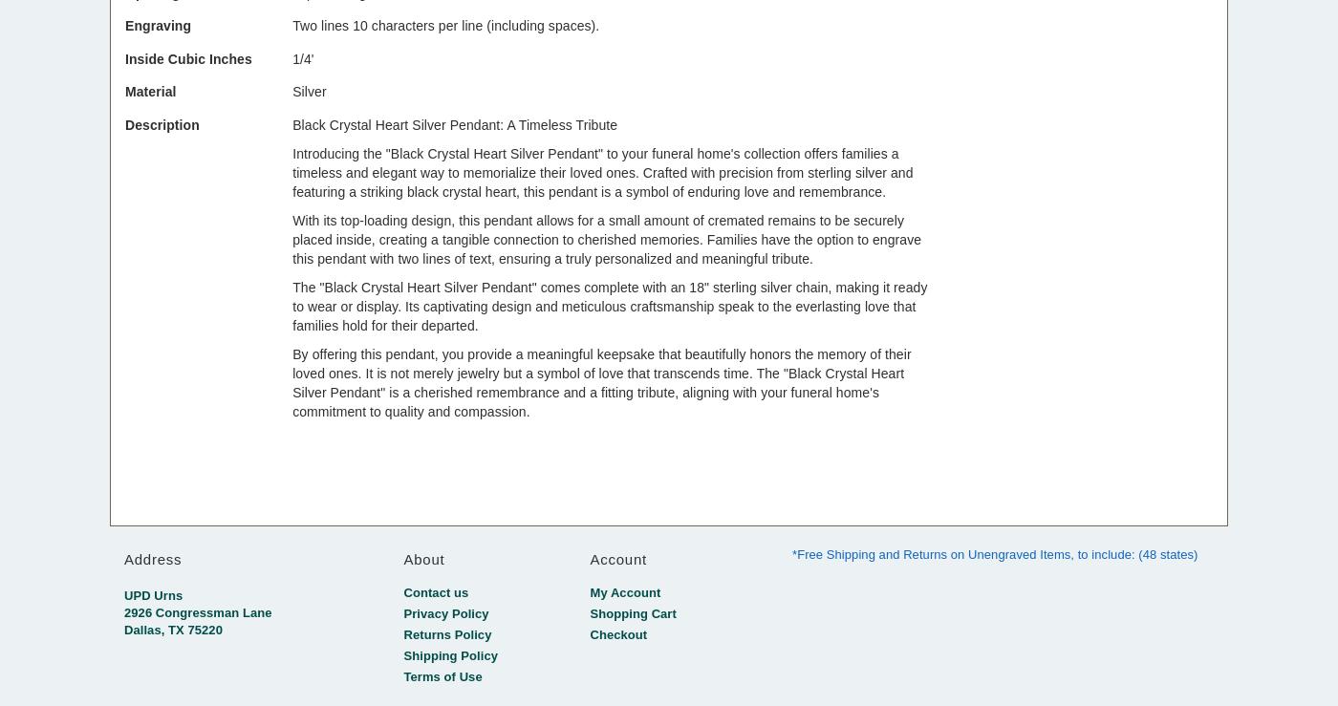 This screenshot has height=706, width=1338. I want to click on 'Black Crystal Heart Silver Pendant: A Timeless Tribute', so click(292, 123).